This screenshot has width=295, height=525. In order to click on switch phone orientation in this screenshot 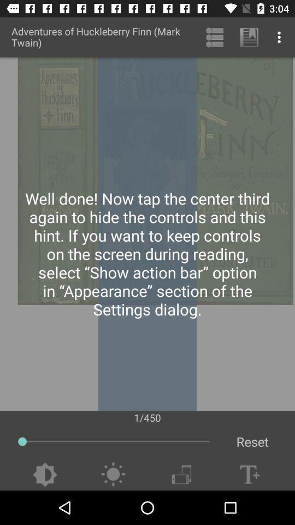, I will do `click(181, 474)`.